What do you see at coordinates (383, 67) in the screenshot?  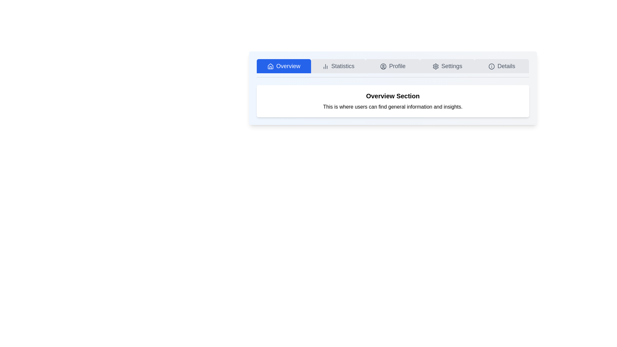 I see `the outer circle of the user profile icon located in the navigation menu or tab bar, which is visually distinct due to its circular shape` at bounding box center [383, 67].